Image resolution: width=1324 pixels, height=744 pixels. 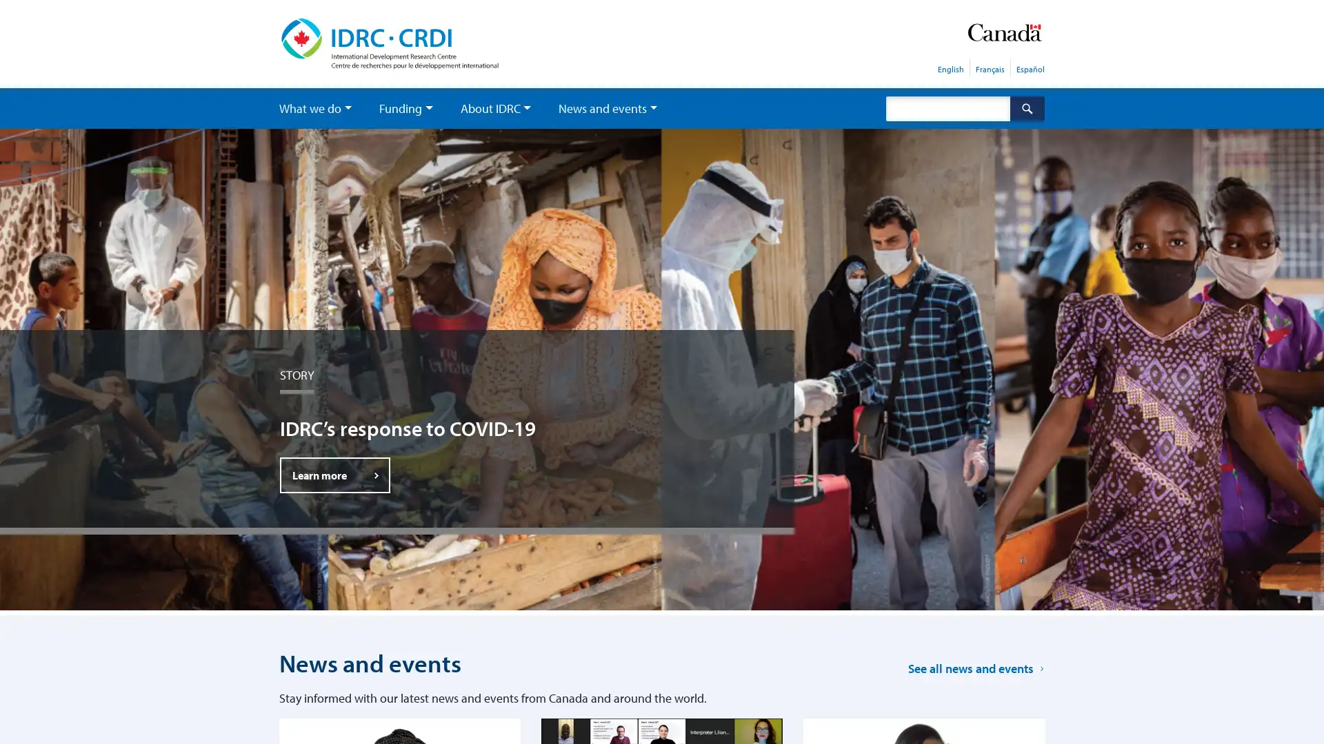 What do you see at coordinates (1027, 107) in the screenshot?
I see `Search` at bounding box center [1027, 107].